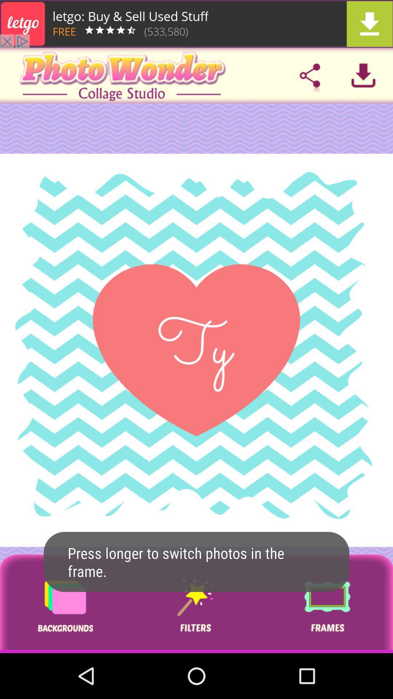 The width and height of the screenshot is (393, 699). What do you see at coordinates (310, 75) in the screenshot?
I see `the share icon` at bounding box center [310, 75].